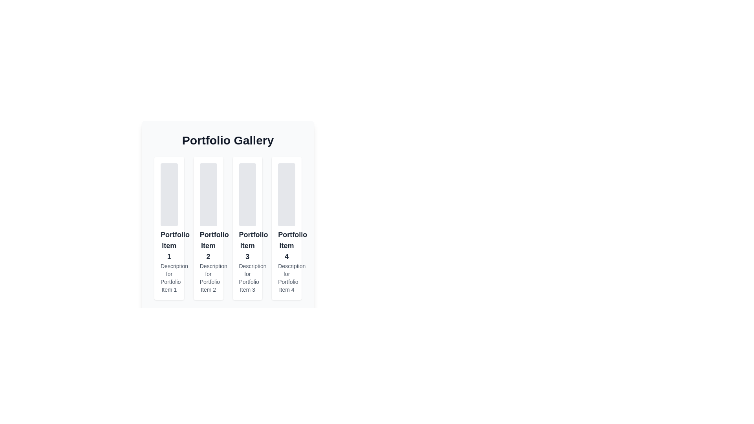 This screenshot has width=754, height=424. Describe the element at coordinates (168, 278) in the screenshot. I see `the descriptive text element located below the header 'Portfolio Item 1' in the portfolio card` at that location.